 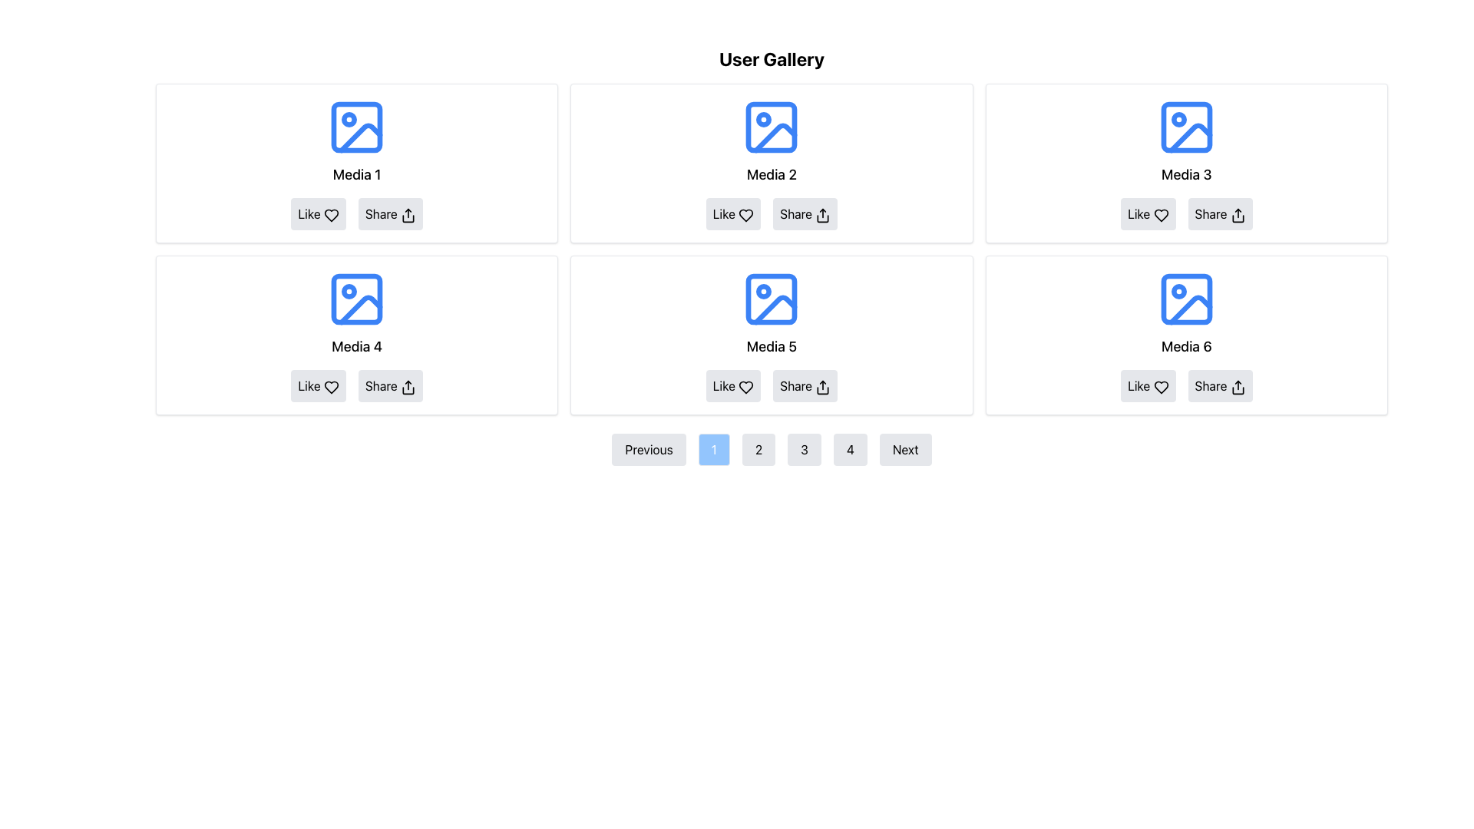 I want to click on the heart-shaped outline icon used for liking content beneath the title 'Media 6', so click(x=1161, y=386).